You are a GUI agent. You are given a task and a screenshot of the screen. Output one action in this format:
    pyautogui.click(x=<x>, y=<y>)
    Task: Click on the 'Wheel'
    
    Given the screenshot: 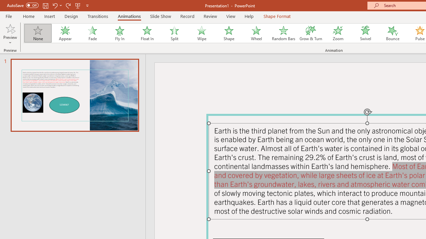 What is the action you would take?
    pyautogui.click(x=256, y=33)
    